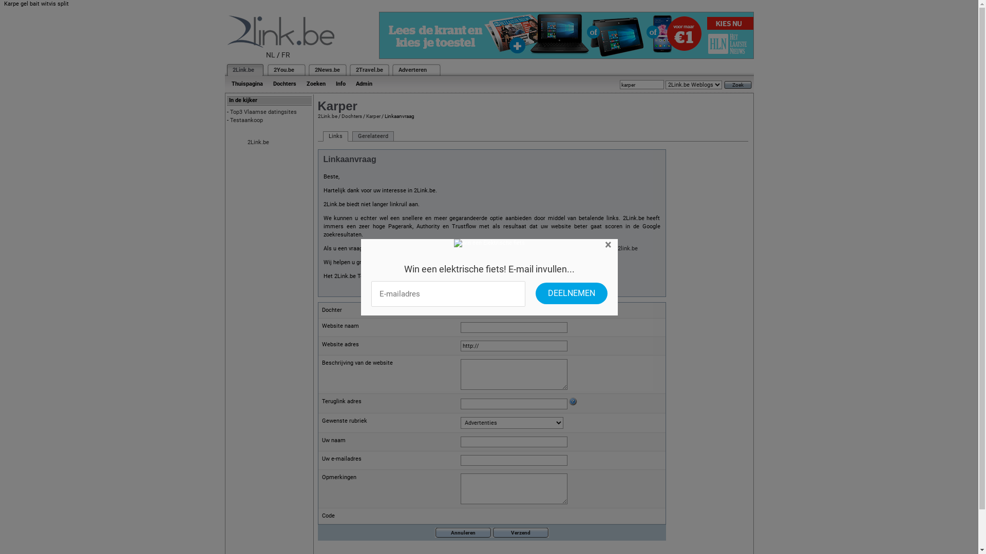 This screenshot has height=554, width=986. What do you see at coordinates (229, 120) in the screenshot?
I see `'Testaankoop'` at bounding box center [229, 120].